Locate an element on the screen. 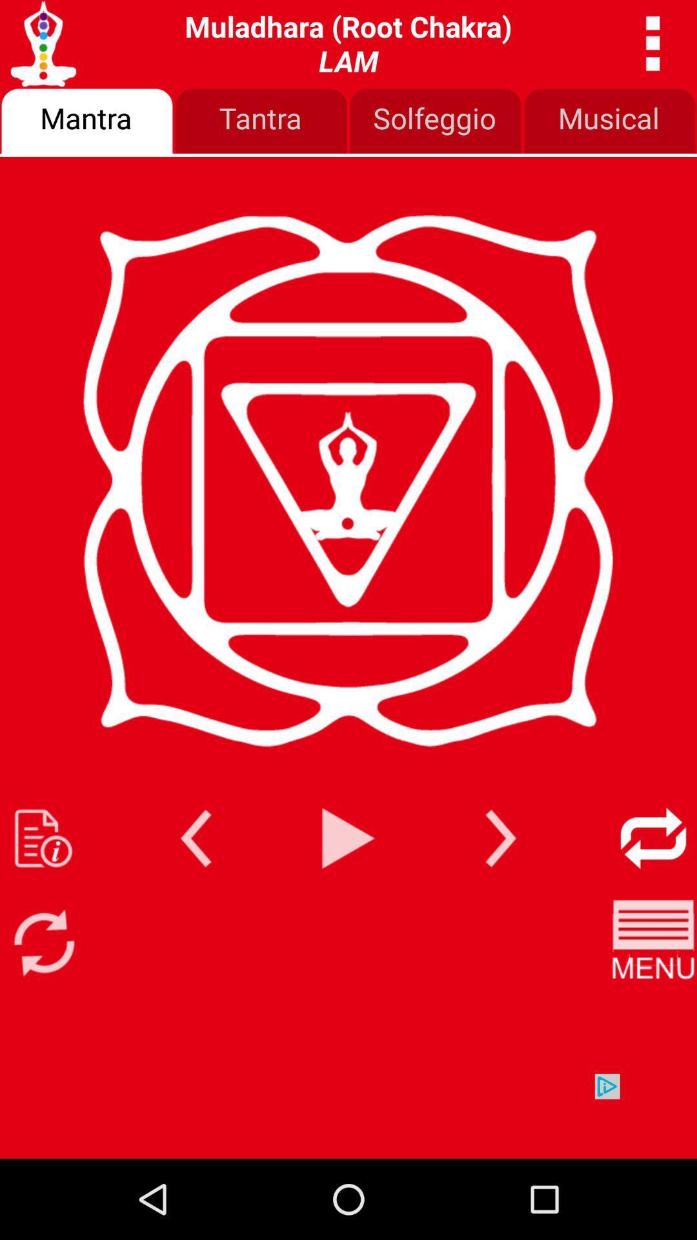 Image resolution: width=697 pixels, height=1240 pixels. the arrow_forward icon is located at coordinates (500, 896).